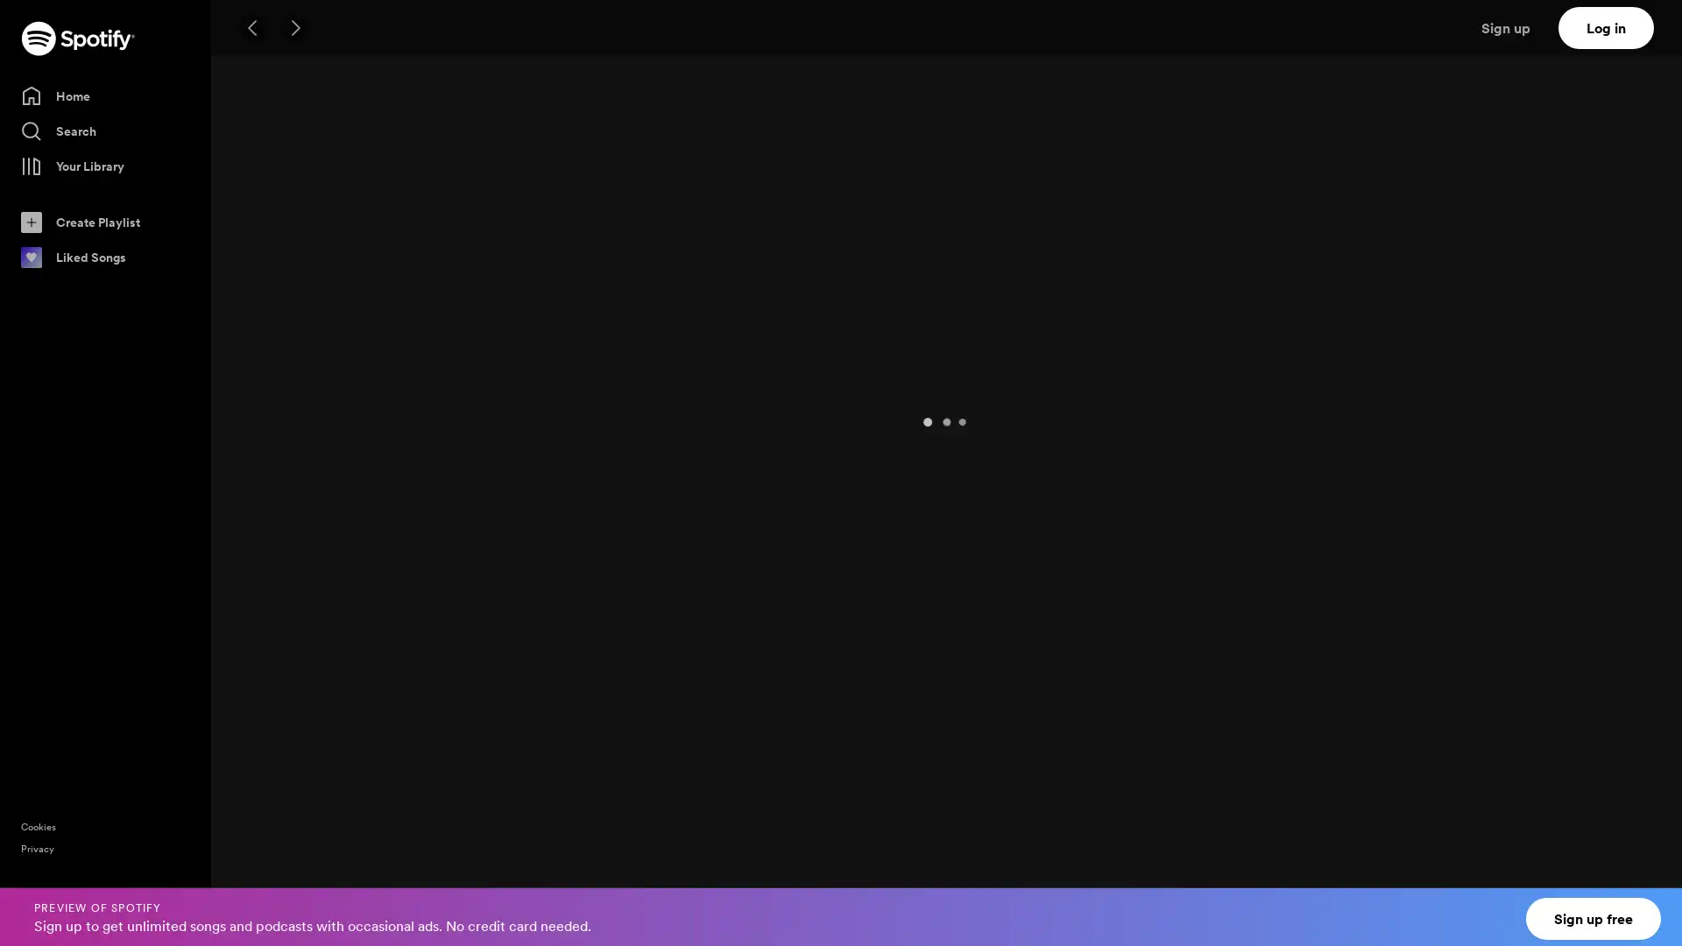 This screenshot has width=1682, height=946. Describe the element at coordinates (1594, 918) in the screenshot. I see `Sign up free` at that location.